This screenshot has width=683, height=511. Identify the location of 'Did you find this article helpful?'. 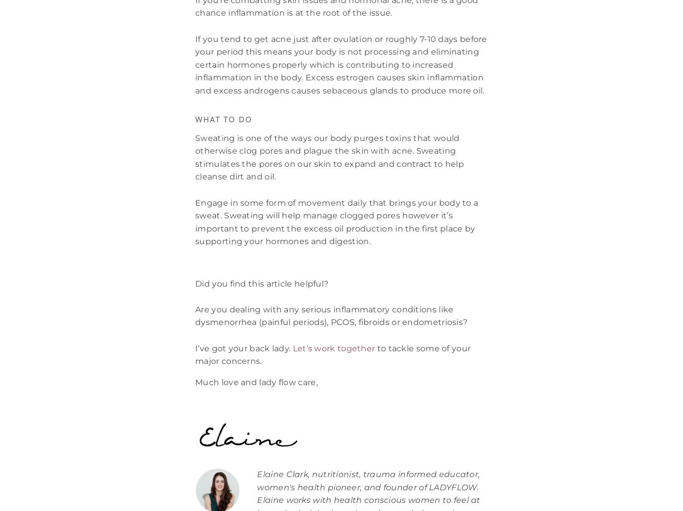
(262, 283).